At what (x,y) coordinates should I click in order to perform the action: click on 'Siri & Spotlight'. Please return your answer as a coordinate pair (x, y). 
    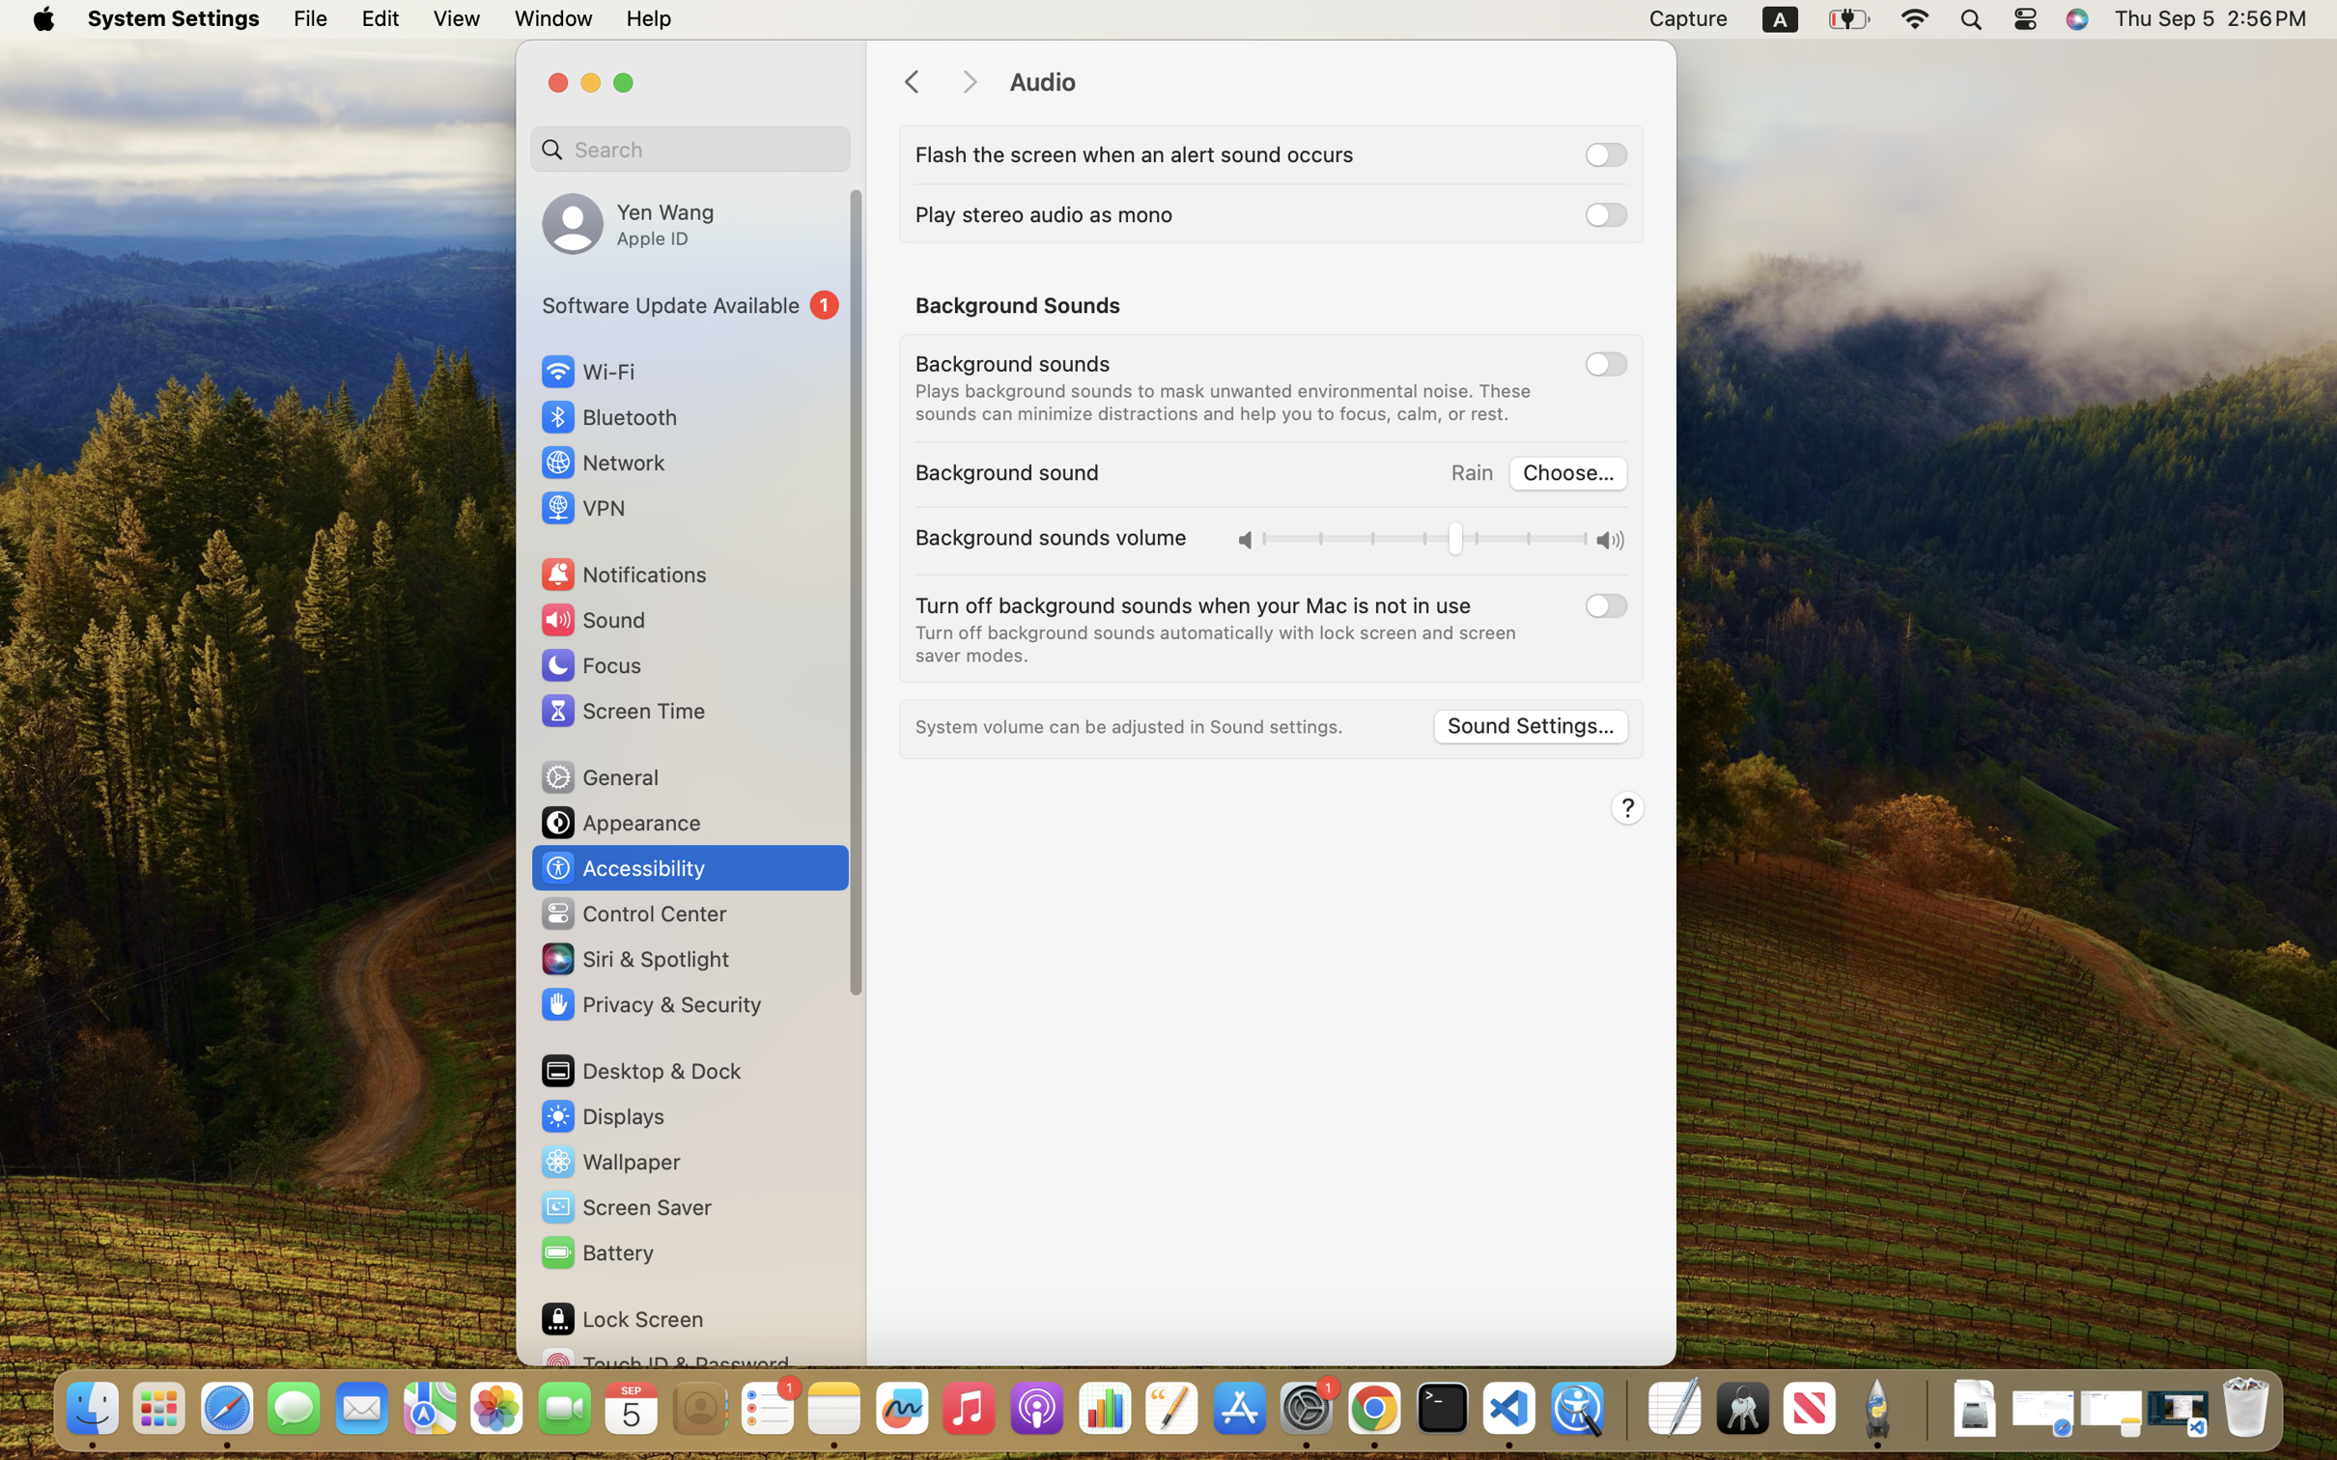
    Looking at the image, I should click on (633, 958).